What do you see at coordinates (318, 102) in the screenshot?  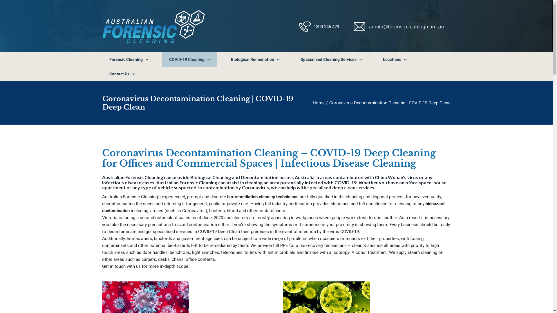 I see `'Home'` at bounding box center [318, 102].